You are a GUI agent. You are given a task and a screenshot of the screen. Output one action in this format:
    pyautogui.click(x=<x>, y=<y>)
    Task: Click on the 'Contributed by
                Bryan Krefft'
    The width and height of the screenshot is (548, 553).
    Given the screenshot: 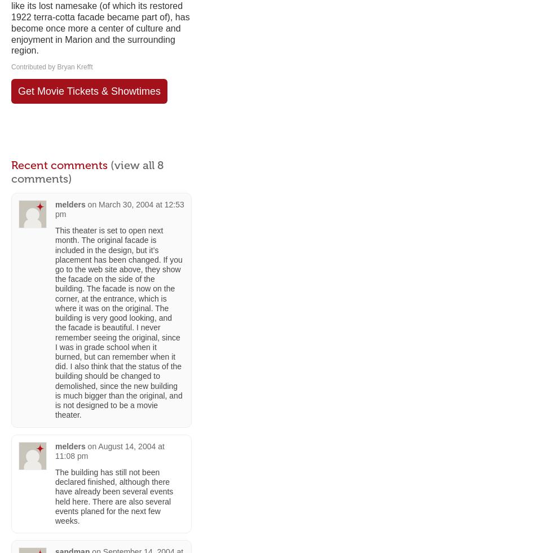 What is the action you would take?
    pyautogui.click(x=51, y=66)
    